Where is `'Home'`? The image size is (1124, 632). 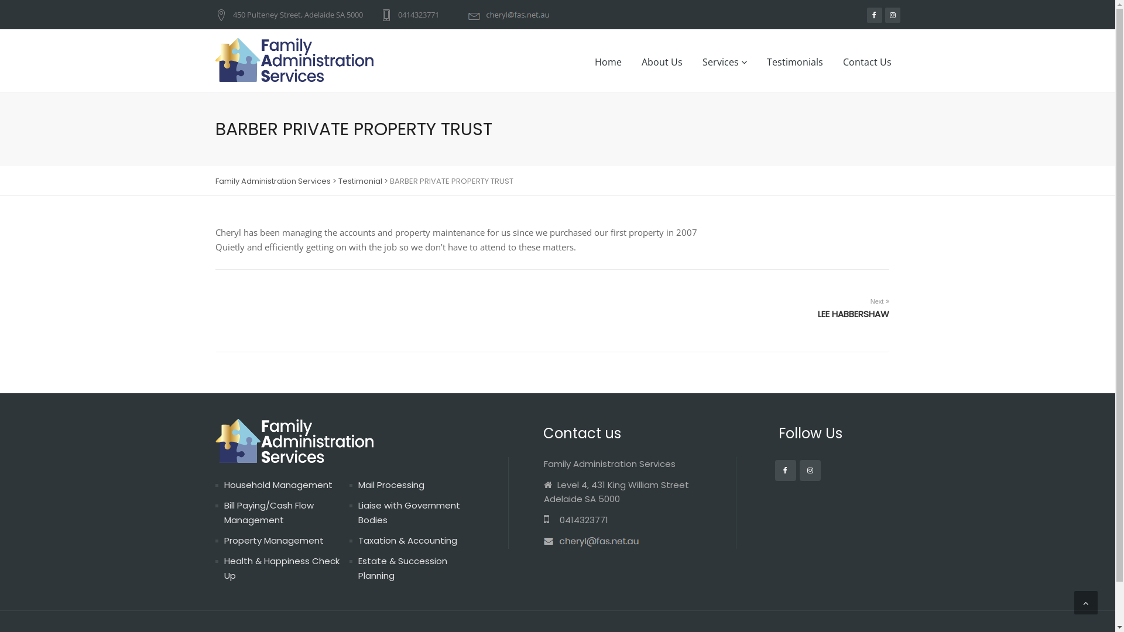 'Home' is located at coordinates (607, 61).